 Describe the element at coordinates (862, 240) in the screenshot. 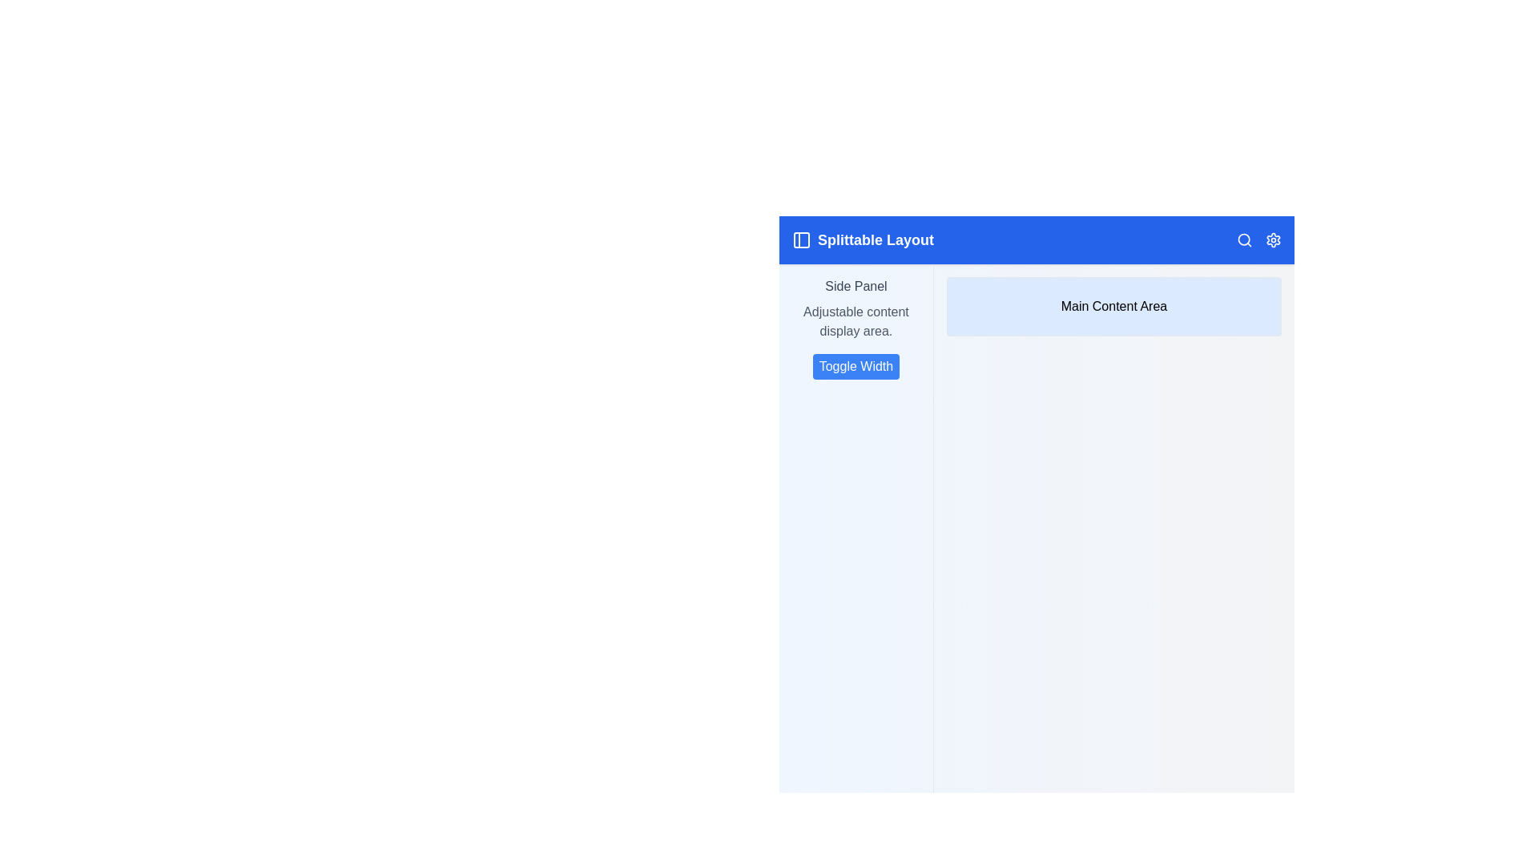

I see `the Header title element located in the upper left corner of the header section` at that location.